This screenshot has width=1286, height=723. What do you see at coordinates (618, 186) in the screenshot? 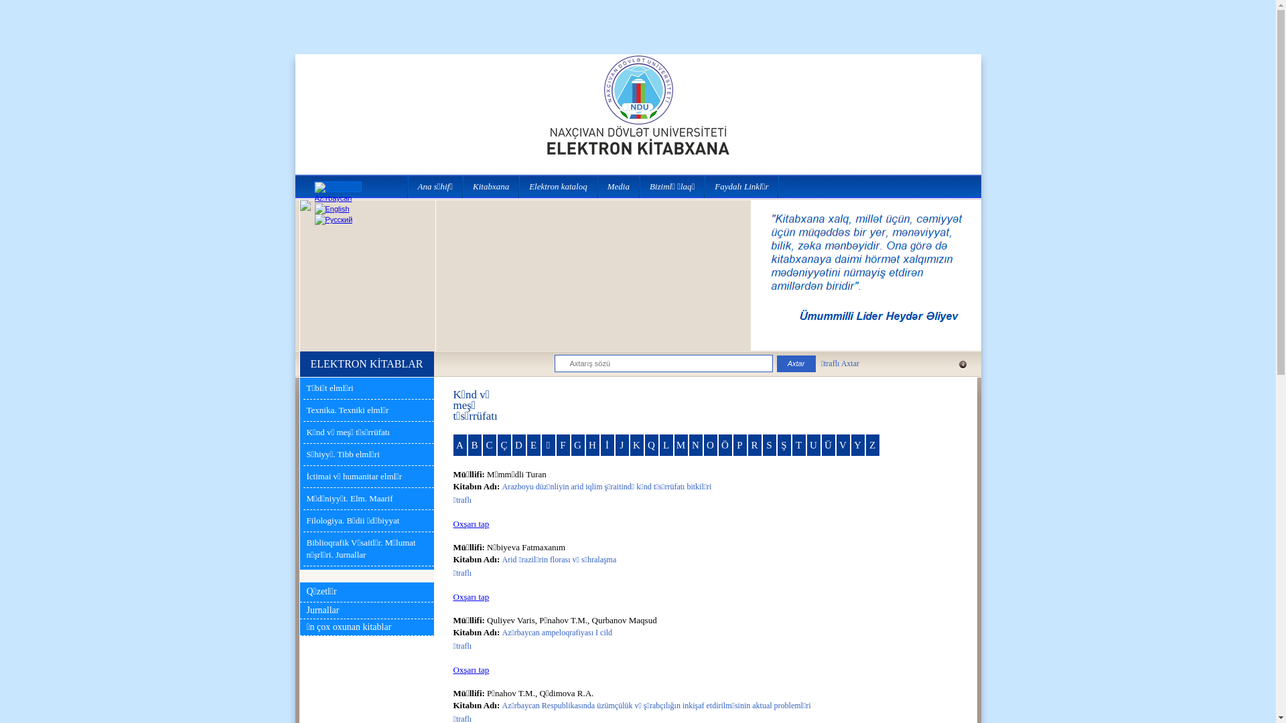
I see `'Media'` at bounding box center [618, 186].